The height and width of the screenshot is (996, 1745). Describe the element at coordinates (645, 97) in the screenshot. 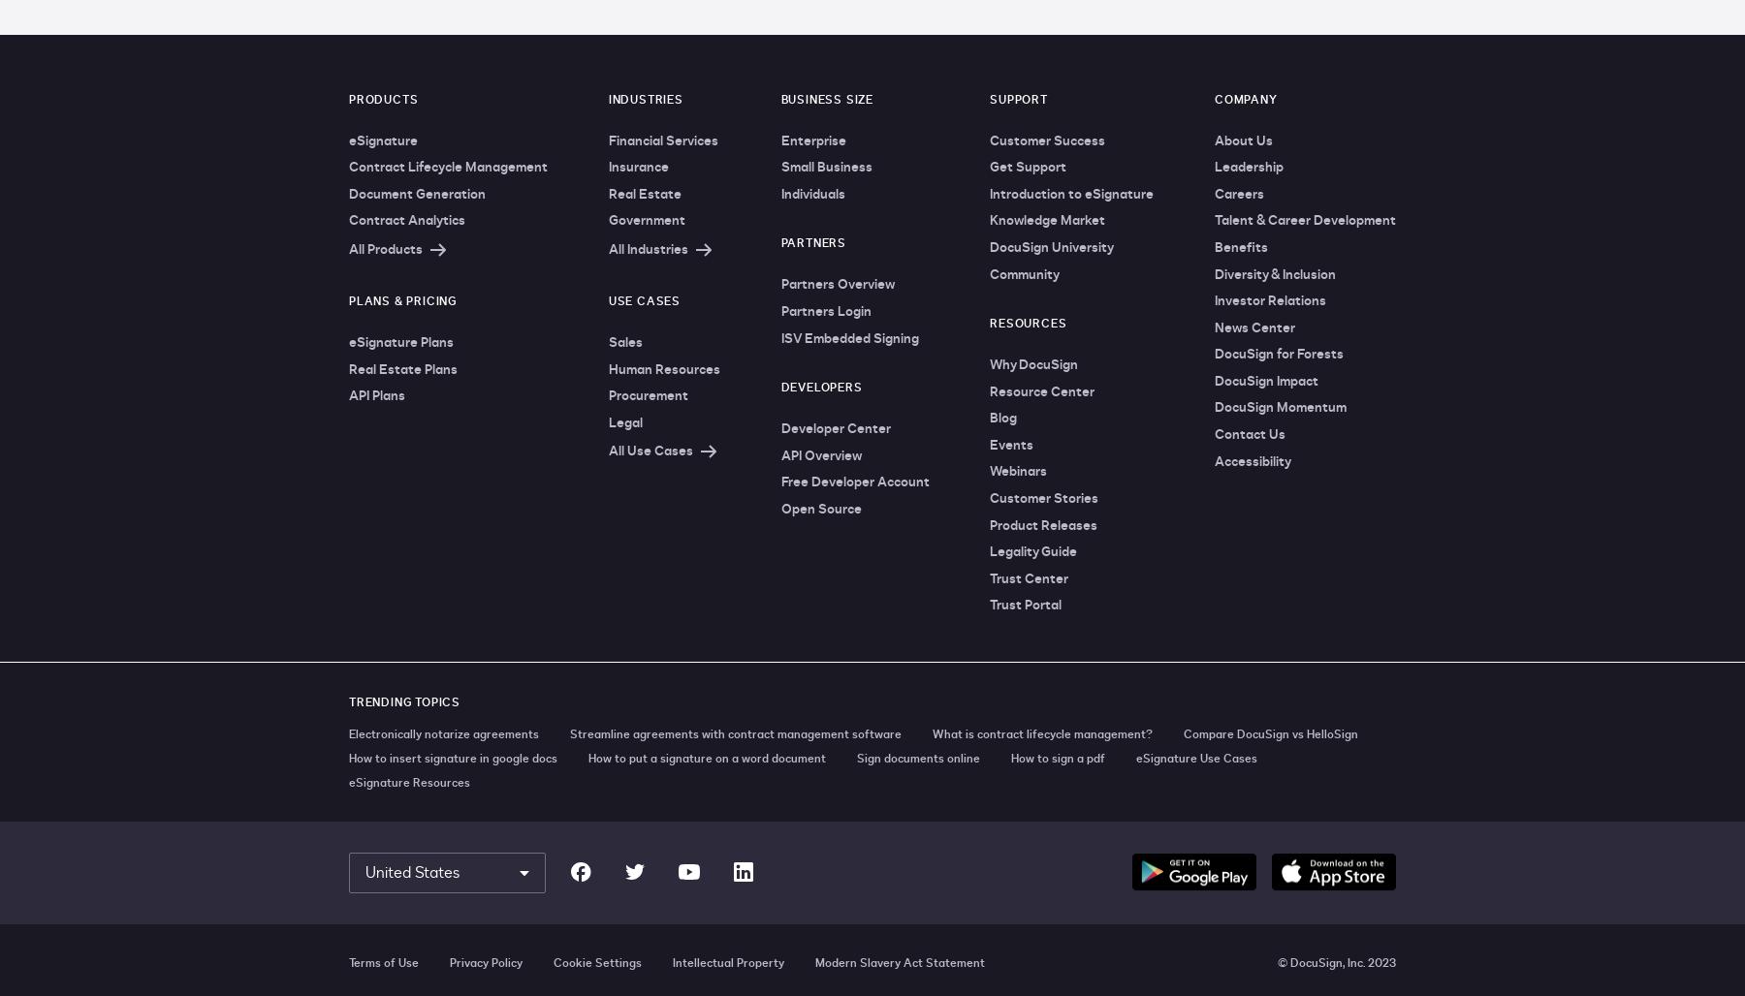

I see `'Industries'` at that location.